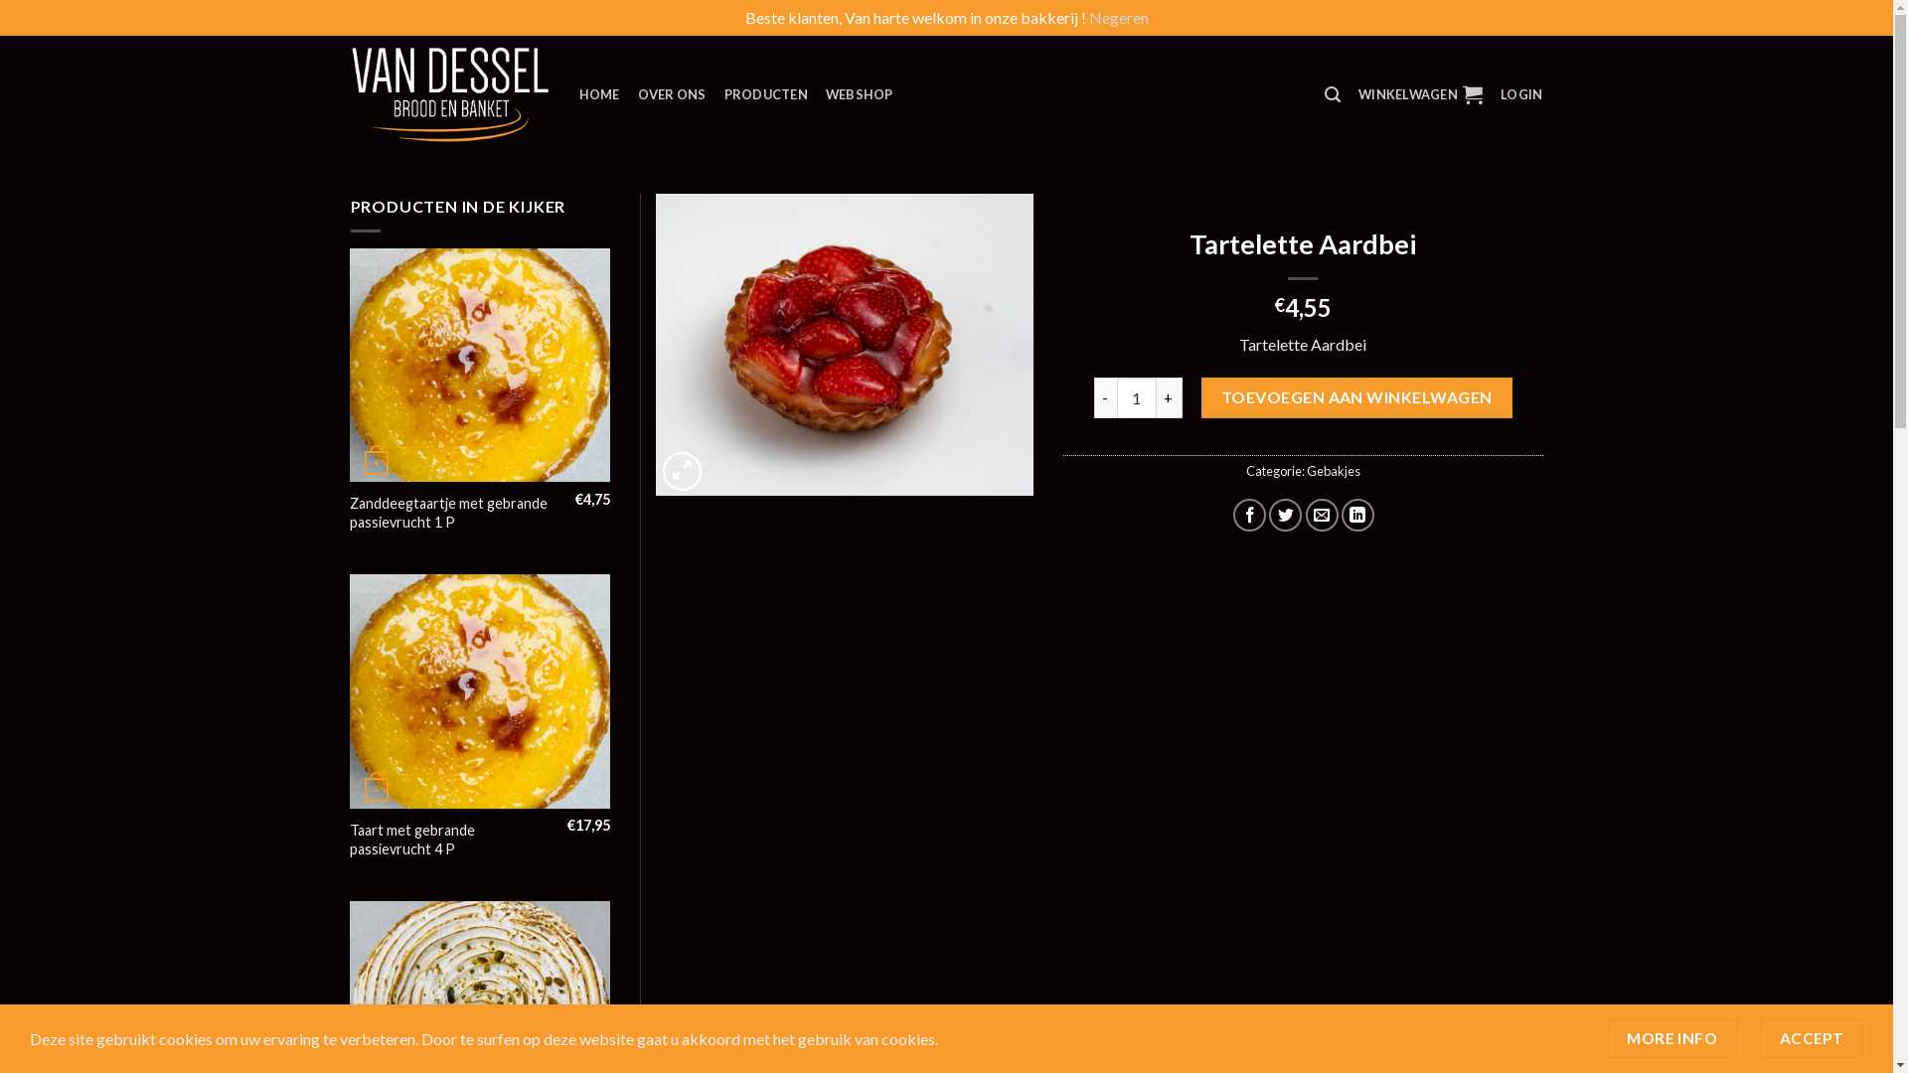  Describe the element at coordinates (1812, 1037) in the screenshot. I see `'ACCEPT'` at that location.